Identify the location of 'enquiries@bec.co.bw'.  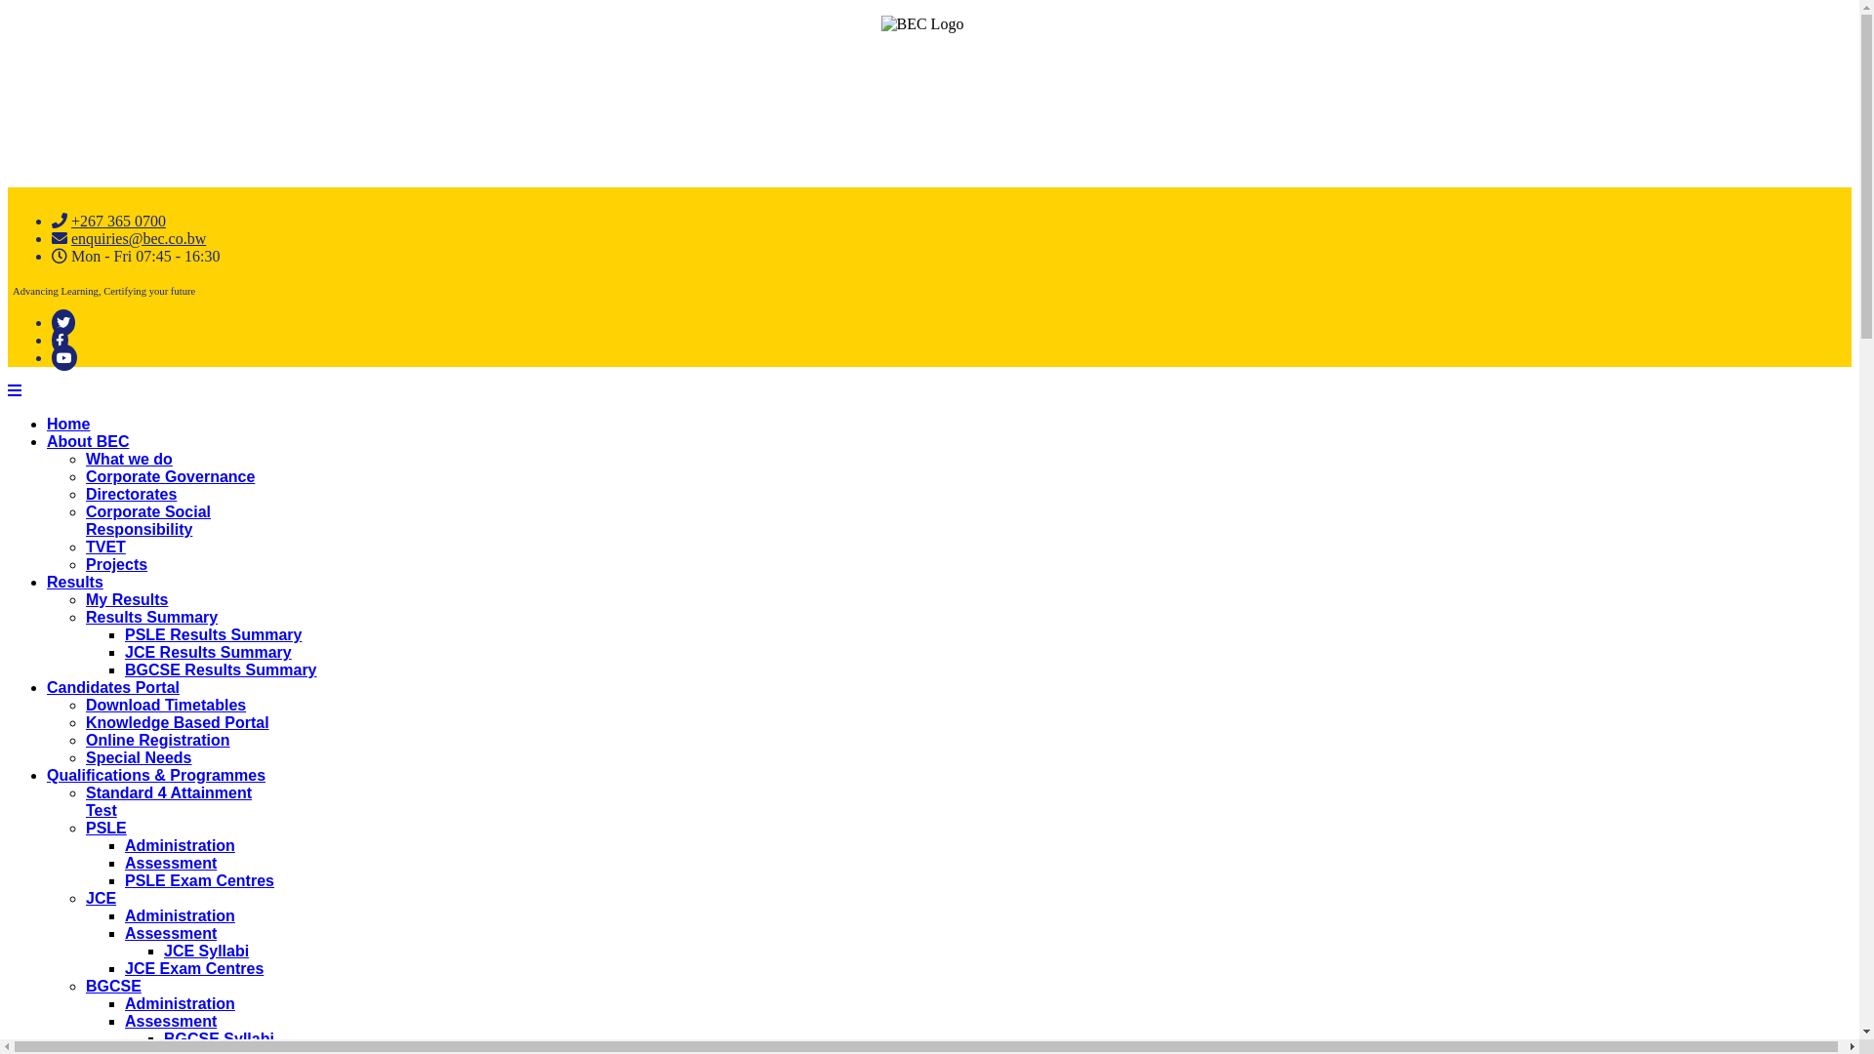
(138, 237).